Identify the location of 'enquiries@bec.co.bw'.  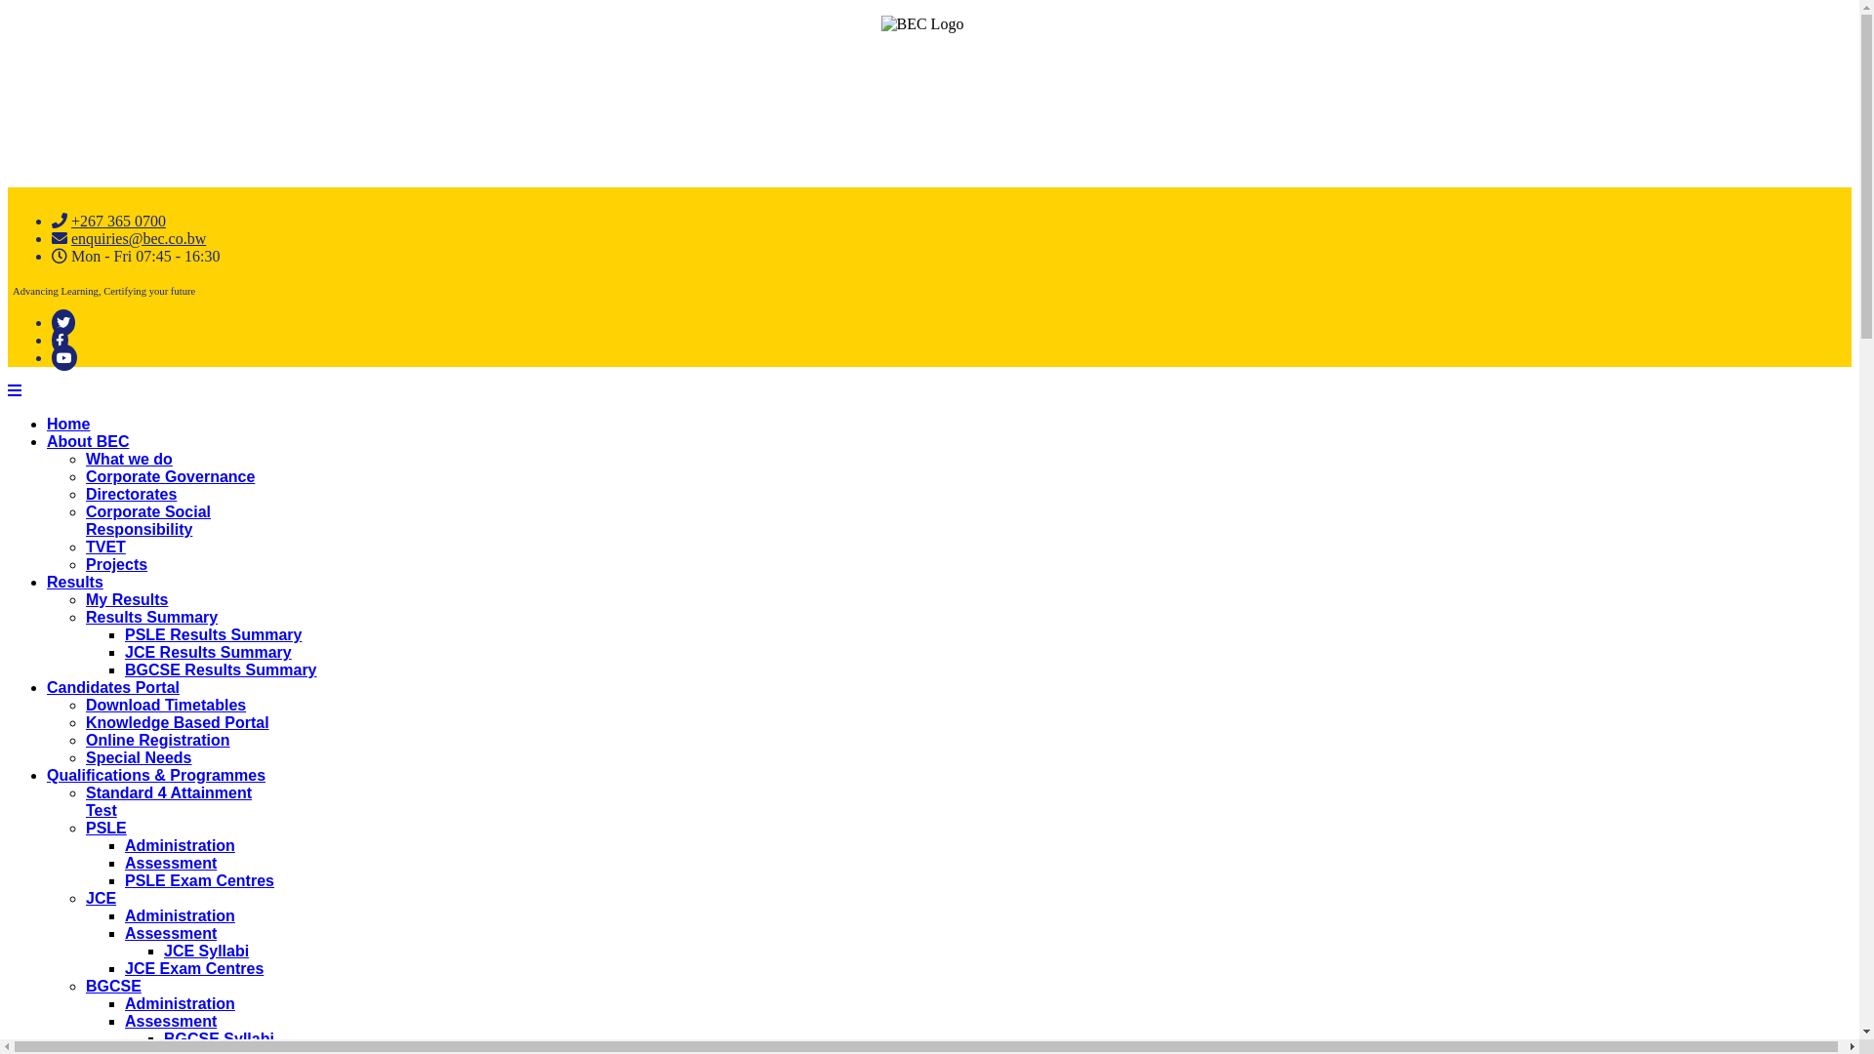
(138, 237).